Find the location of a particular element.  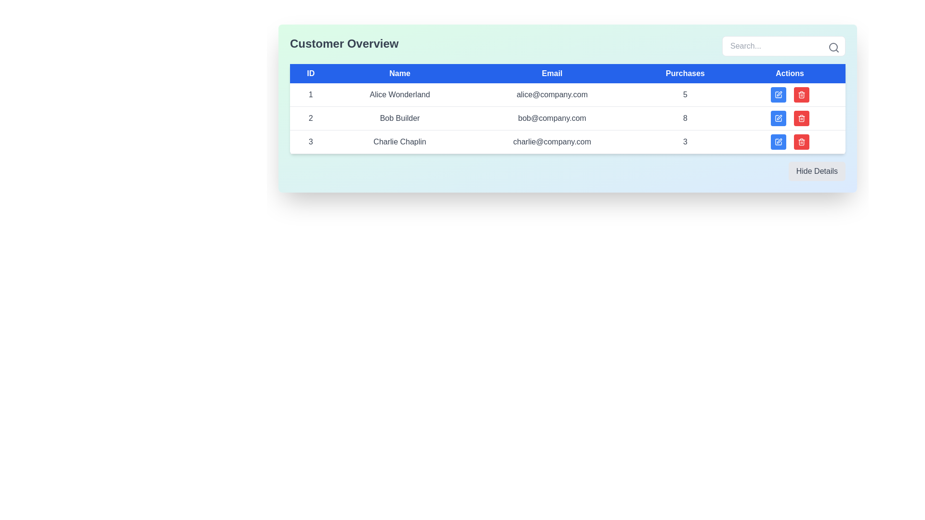

the delete button with icon located at the far right of the table row is located at coordinates (801, 142).